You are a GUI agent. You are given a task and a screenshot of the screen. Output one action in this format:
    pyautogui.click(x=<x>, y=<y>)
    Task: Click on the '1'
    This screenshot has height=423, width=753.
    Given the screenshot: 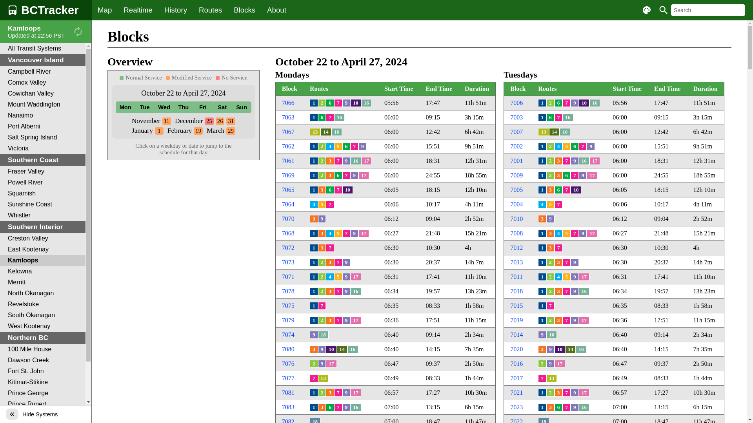 What is the action you would take?
    pyautogui.click(x=314, y=102)
    